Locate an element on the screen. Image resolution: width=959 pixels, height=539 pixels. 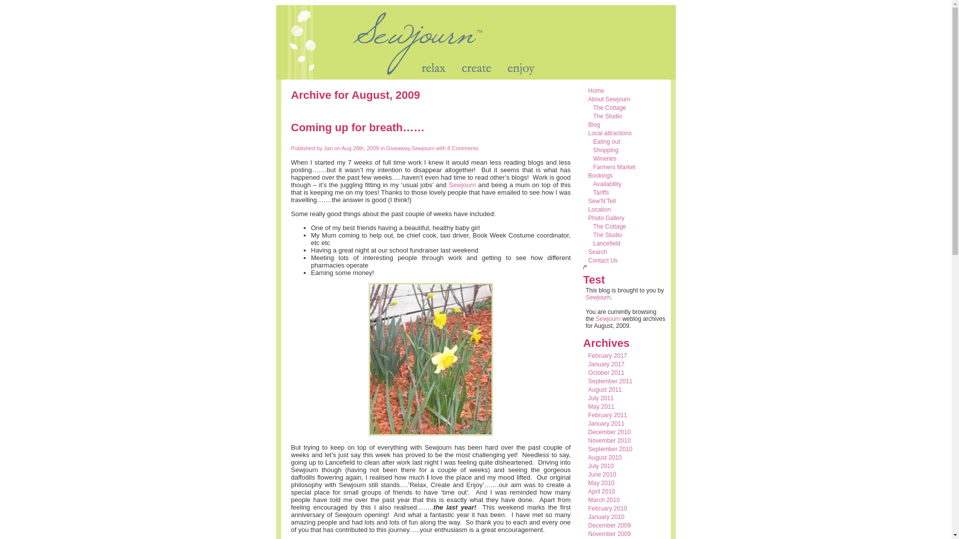
'November 2010' is located at coordinates (588, 440).